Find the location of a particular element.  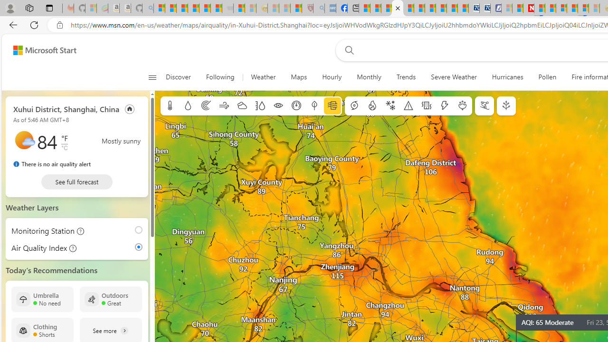

'Outdoors Great' is located at coordinates (111, 299).